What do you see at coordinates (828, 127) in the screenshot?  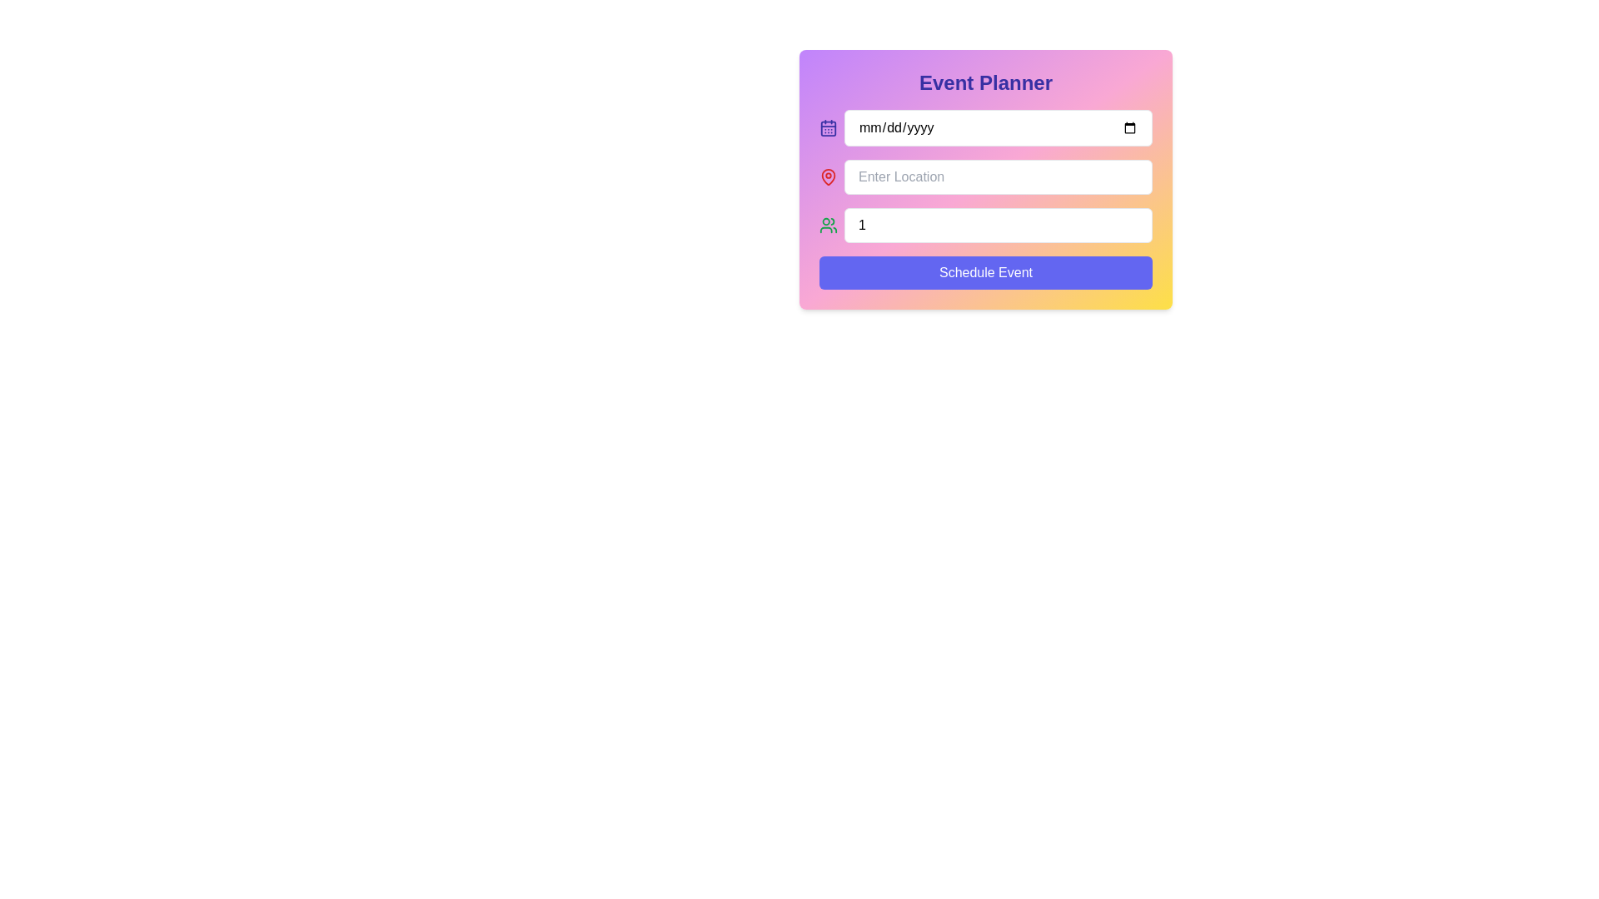 I see `the date input field icon located in the top-left area of the event form interface` at bounding box center [828, 127].